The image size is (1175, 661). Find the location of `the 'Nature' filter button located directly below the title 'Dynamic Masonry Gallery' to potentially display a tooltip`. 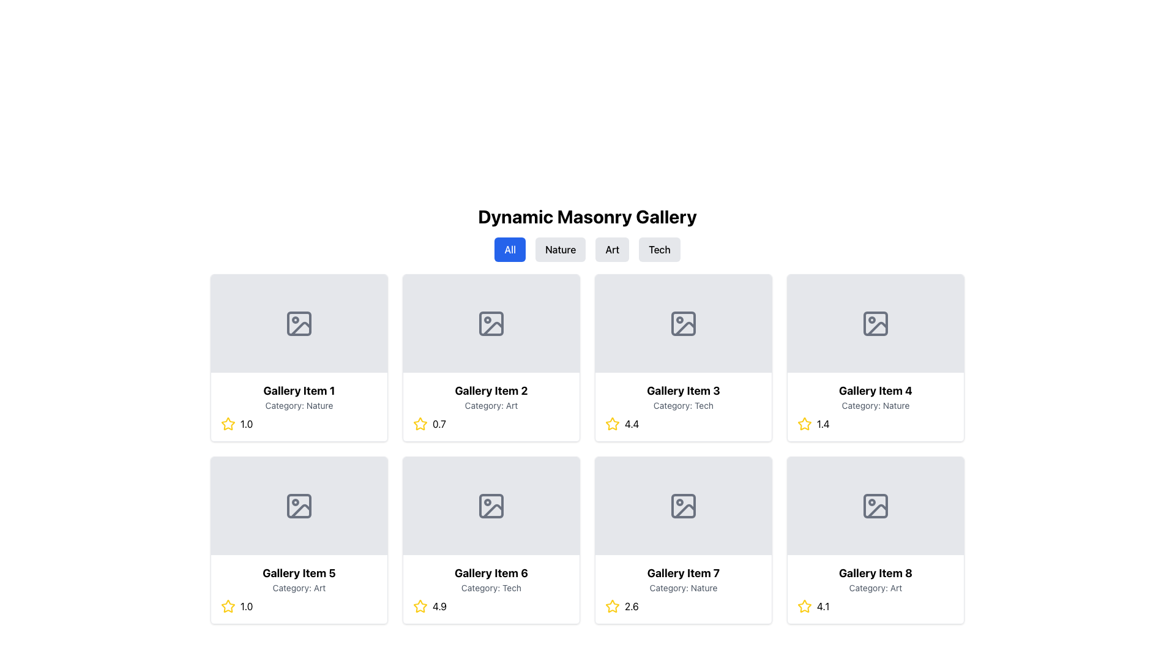

the 'Nature' filter button located directly below the title 'Dynamic Masonry Gallery' to potentially display a tooltip is located at coordinates (560, 249).